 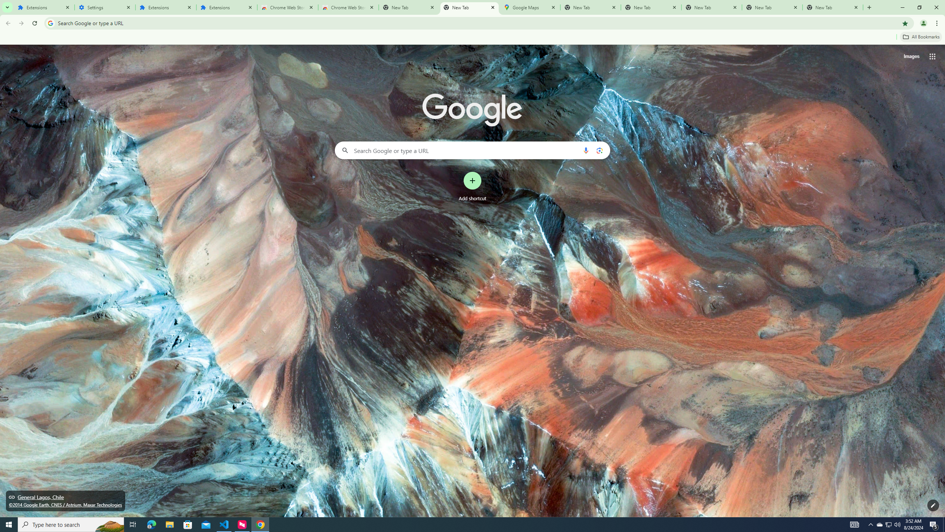 What do you see at coordinates (472, 150) in the screenshot?
I see `'Search Google or type a URL'` at bounding box center [472, 150].